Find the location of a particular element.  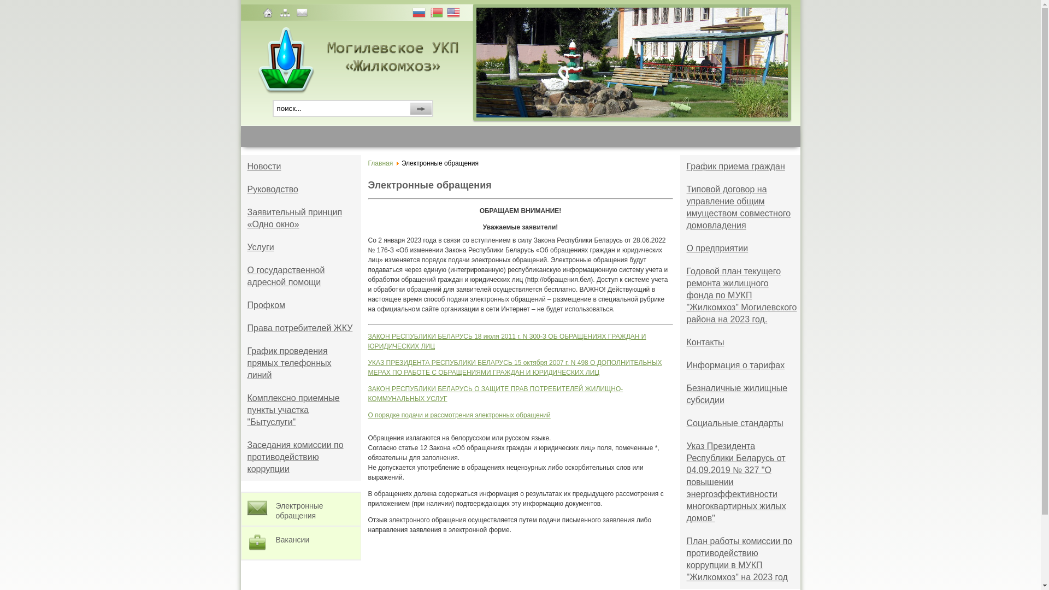

'Belarusian' is located at coordinates (437, 14).